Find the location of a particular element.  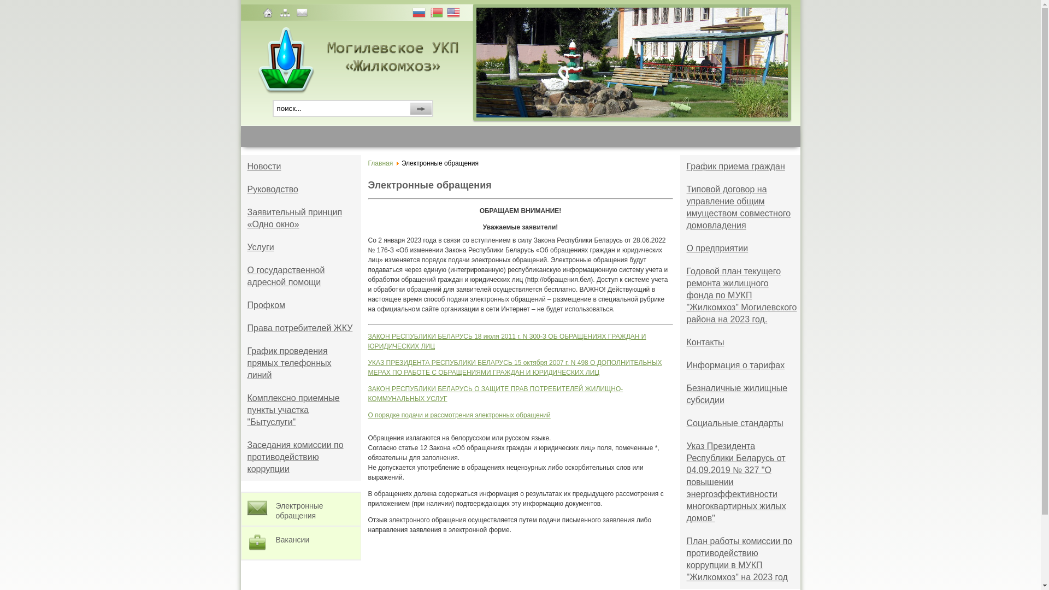

'Belarusian' is located at coordinates (437, 14).